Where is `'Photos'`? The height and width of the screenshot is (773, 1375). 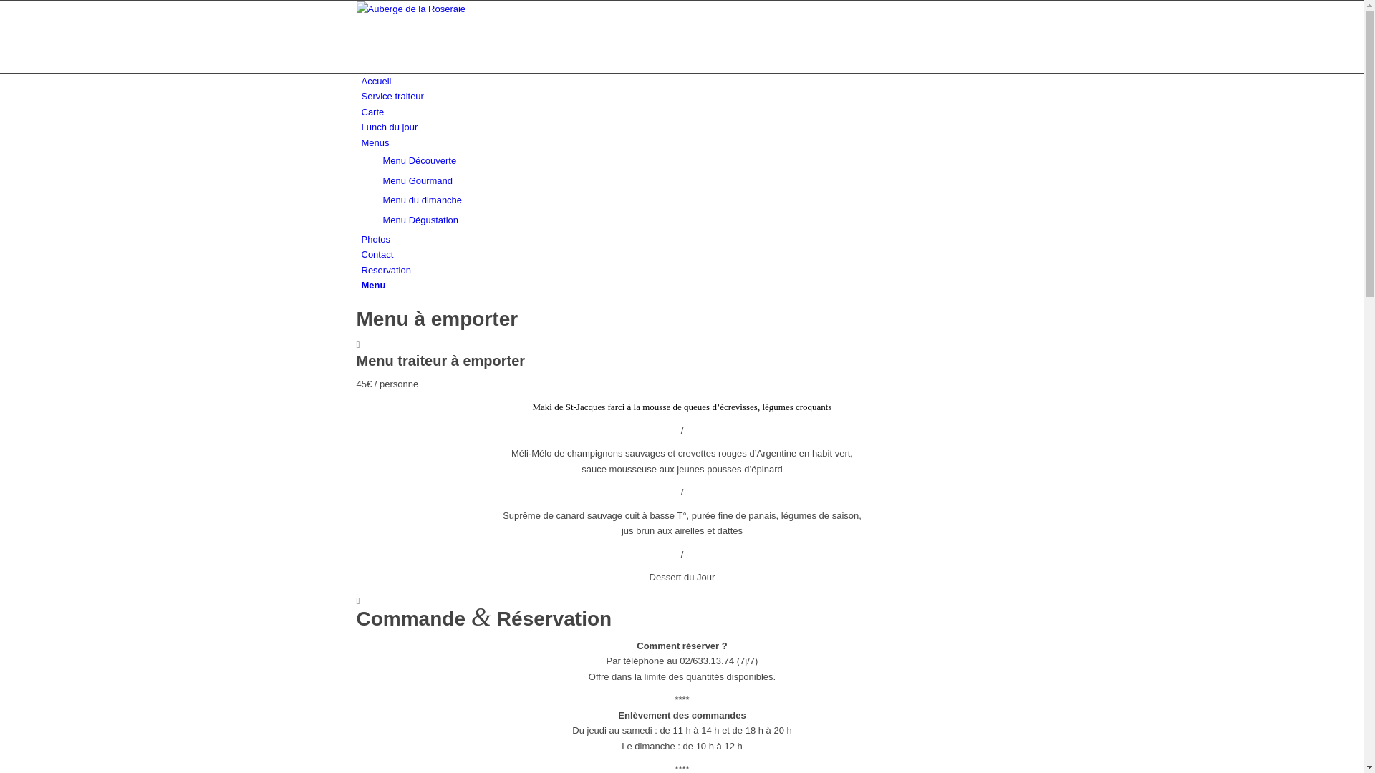
'Photos' is located at coordinates (361, 238).